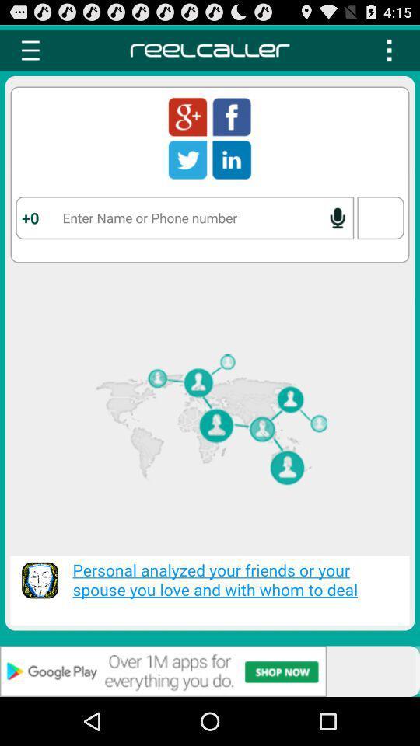 This screenshot has width=420, height=746. I want to click on the image below phone number, so click(210, 427).